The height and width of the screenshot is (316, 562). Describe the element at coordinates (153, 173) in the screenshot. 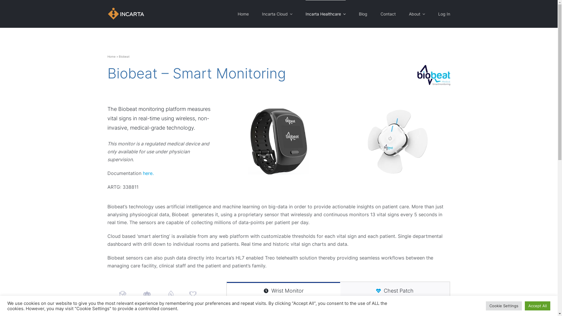

I see `'.'` at that location.